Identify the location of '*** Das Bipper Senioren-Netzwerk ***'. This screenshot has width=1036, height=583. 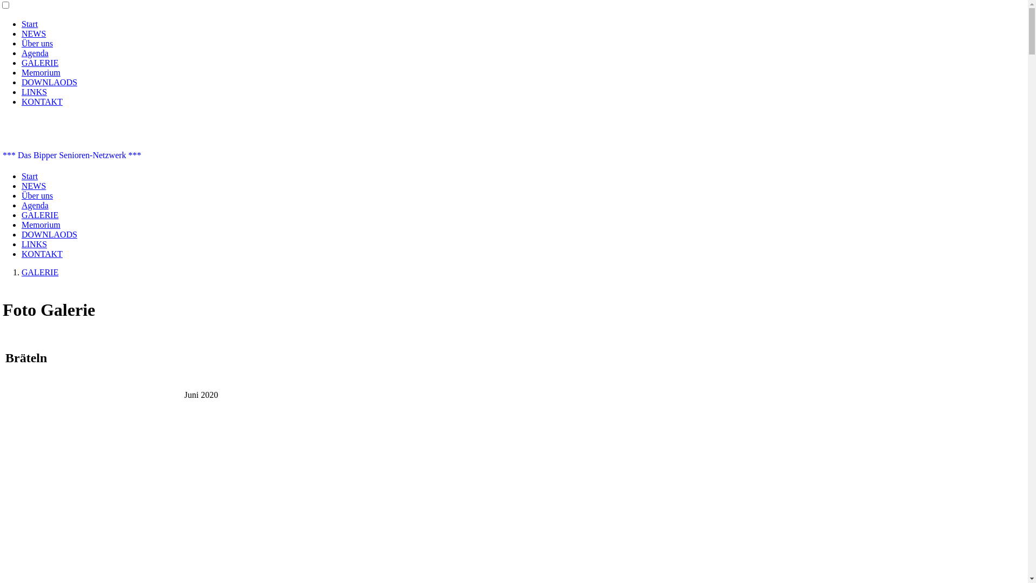
(71, 155).